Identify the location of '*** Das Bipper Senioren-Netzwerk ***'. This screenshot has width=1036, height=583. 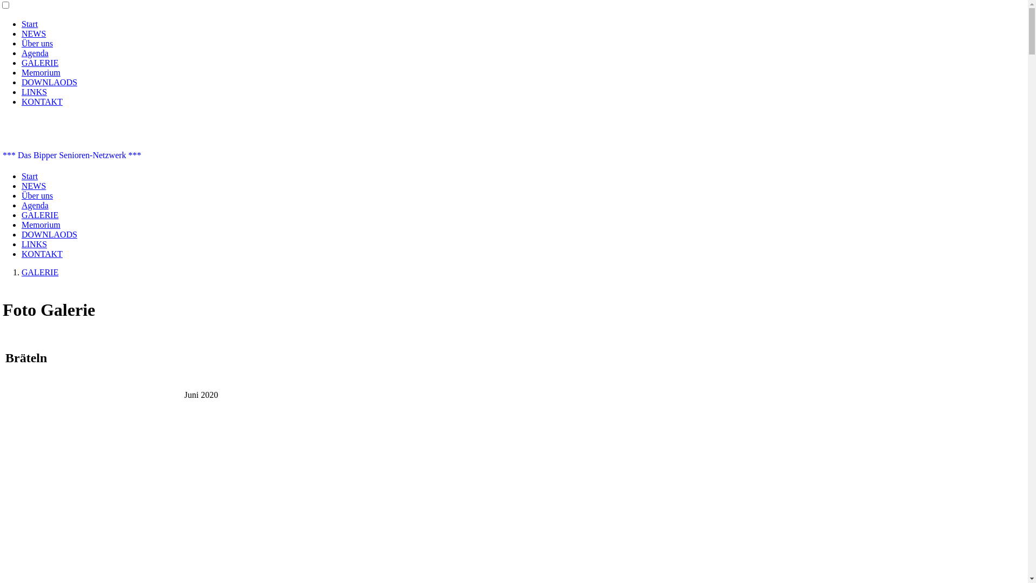
(71, 155).